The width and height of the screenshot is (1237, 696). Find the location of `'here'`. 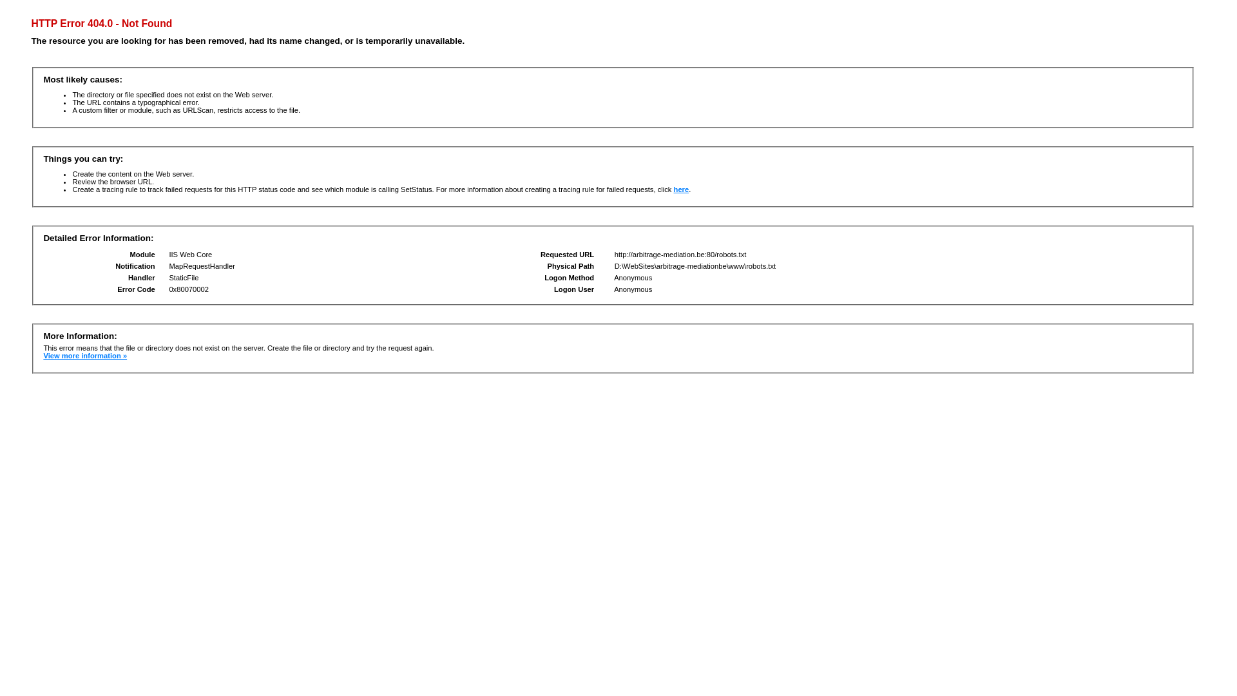

'here' is located at coordinates (680, 189).